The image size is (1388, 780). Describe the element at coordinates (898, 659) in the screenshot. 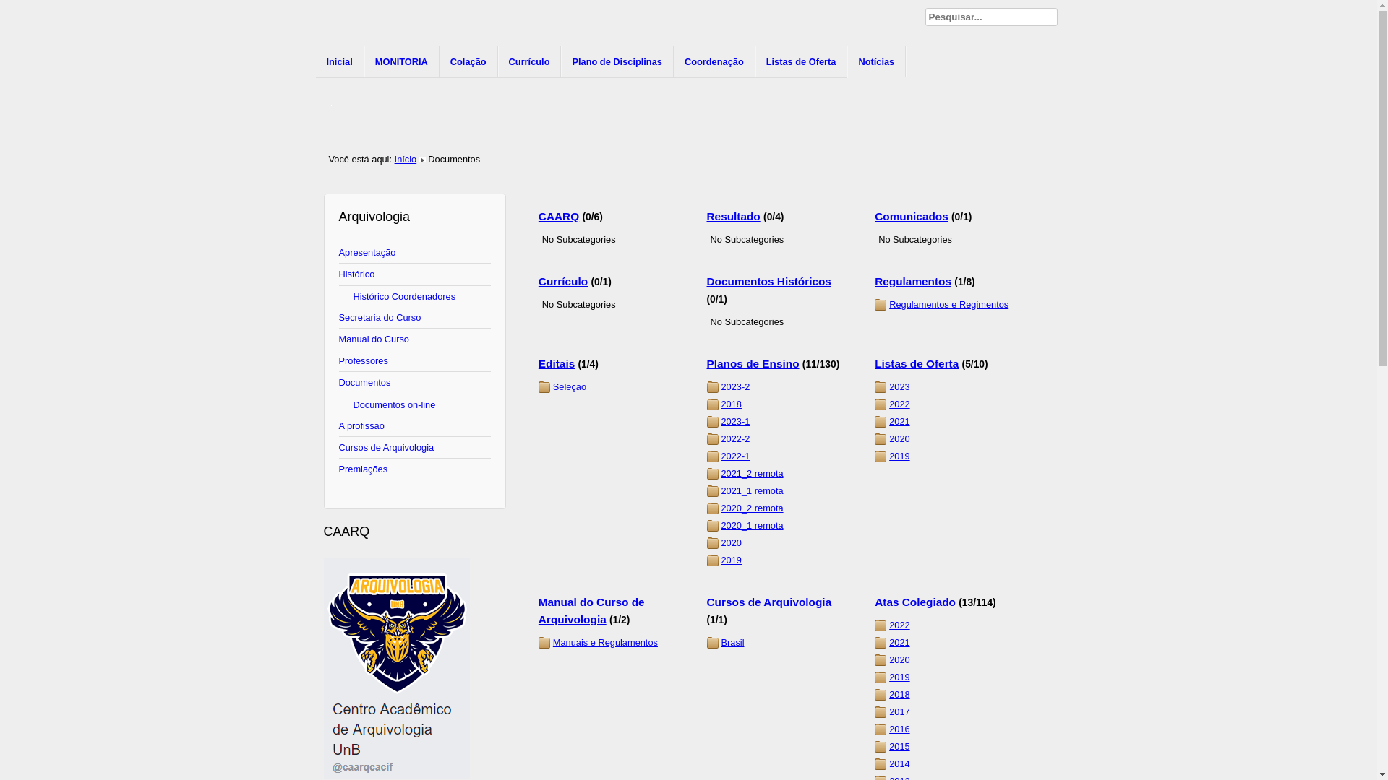

I see `'2020'` at that location.